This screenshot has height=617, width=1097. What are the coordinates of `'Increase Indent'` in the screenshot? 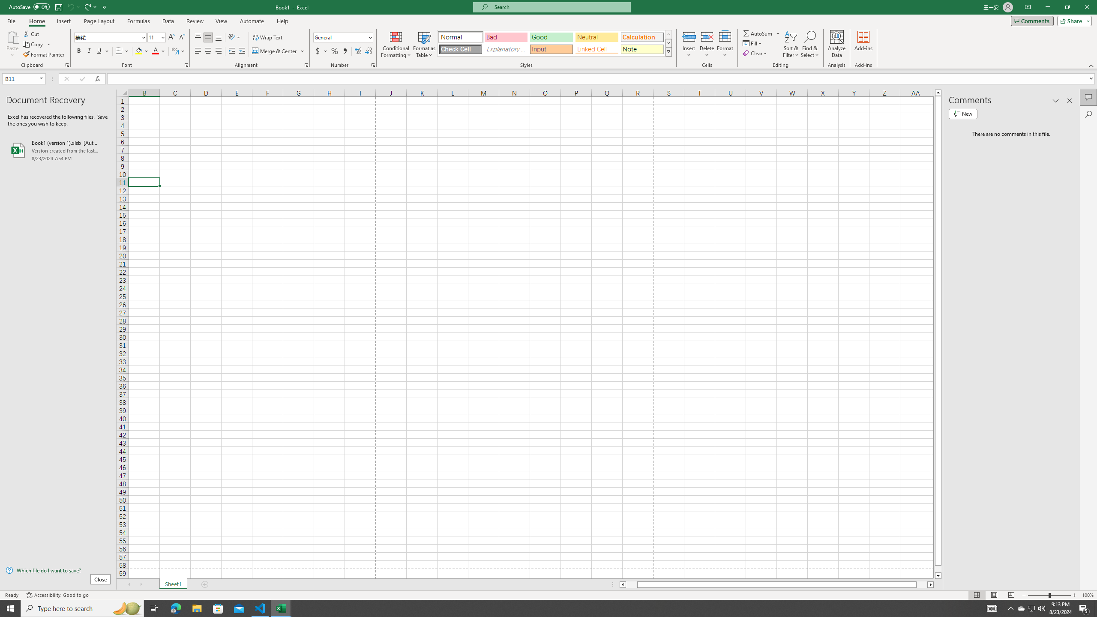 It's located at (241, 51).